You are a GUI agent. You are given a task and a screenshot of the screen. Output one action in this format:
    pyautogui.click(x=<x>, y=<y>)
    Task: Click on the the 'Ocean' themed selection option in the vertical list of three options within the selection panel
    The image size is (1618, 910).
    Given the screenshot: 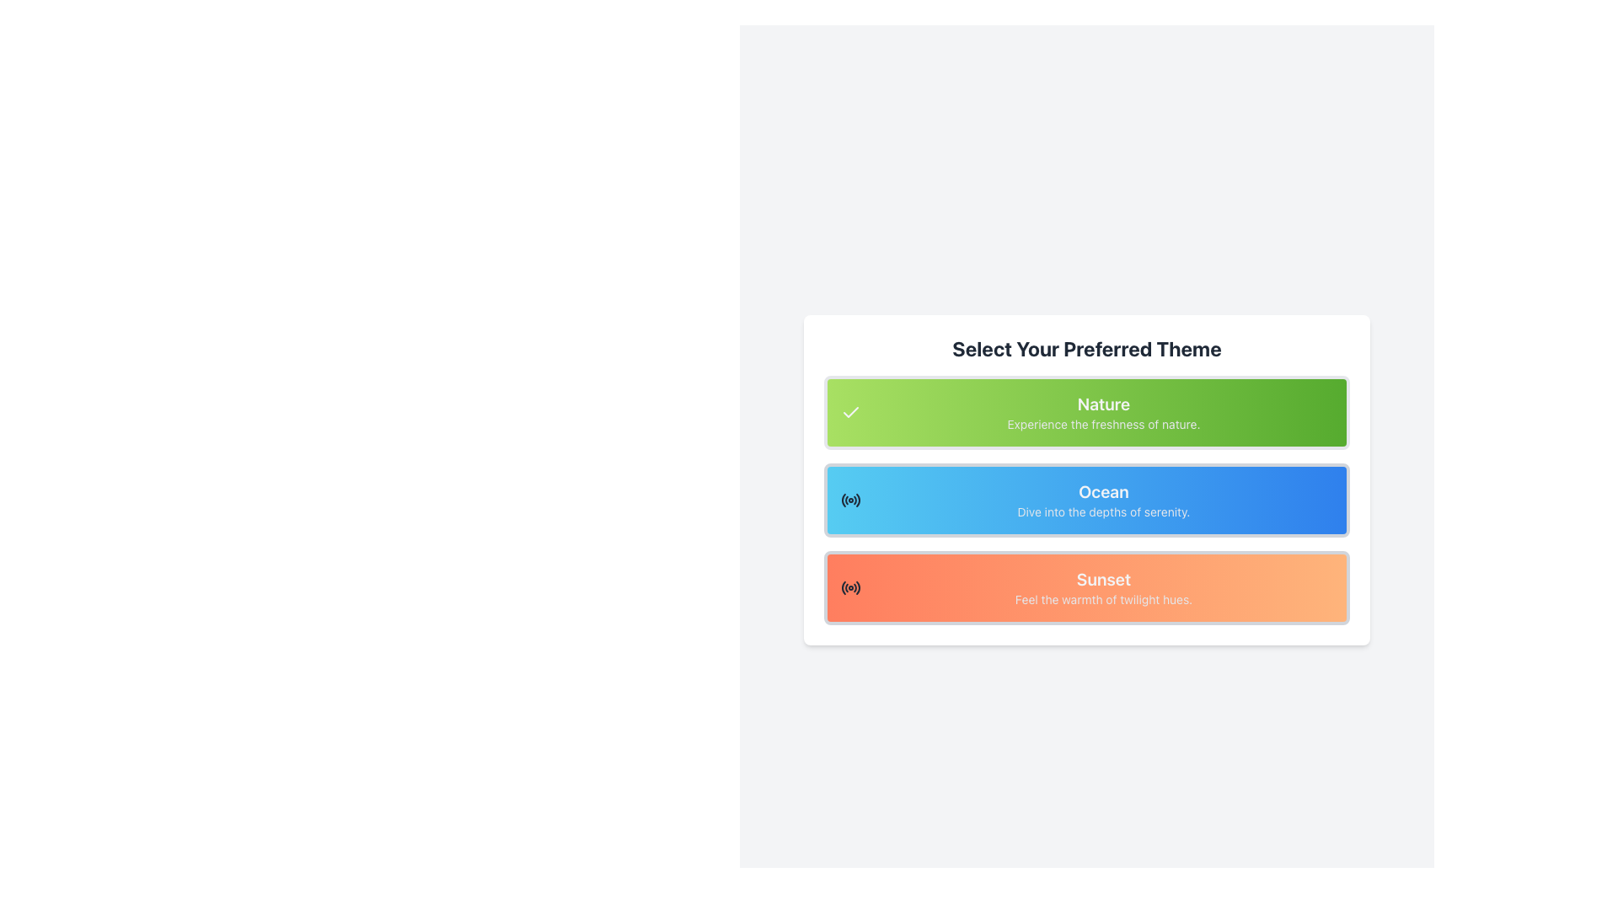 What is the action you would take?
    pyautogui.click(x=1104, y=500)
    